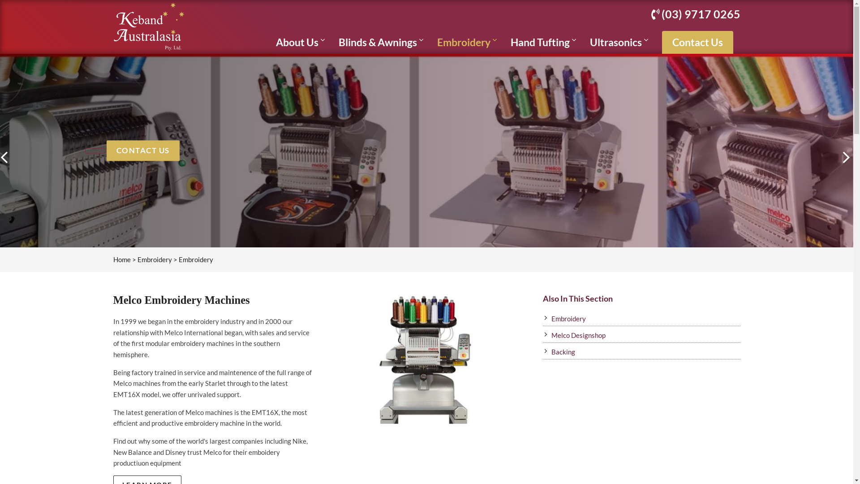  Describe the element at coordinates (839, 157) in the screenshot. I see `'NEXT'` at that location.